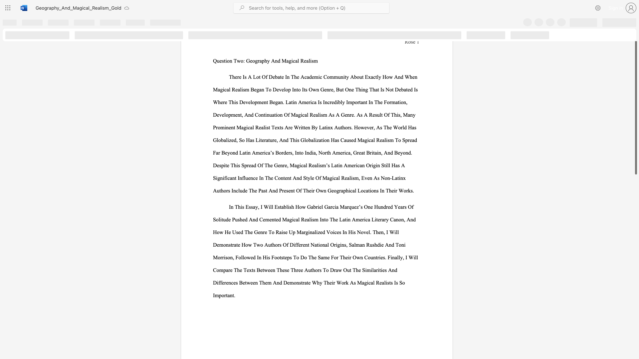 The width and height of the screenshot is (639, 359). I want to click on the scrollbar on the right side to scroll the page down, so click(635, 206).